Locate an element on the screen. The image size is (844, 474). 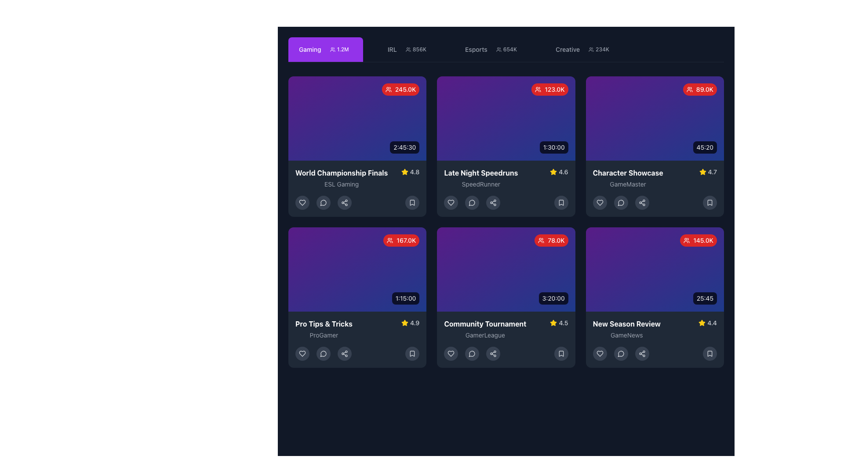
the yellow star-shaped icon representing a rating, which is located in the second row and first column item card of the grid layout, positioned to the right of the title and description text is located at coordinates (702, 172).